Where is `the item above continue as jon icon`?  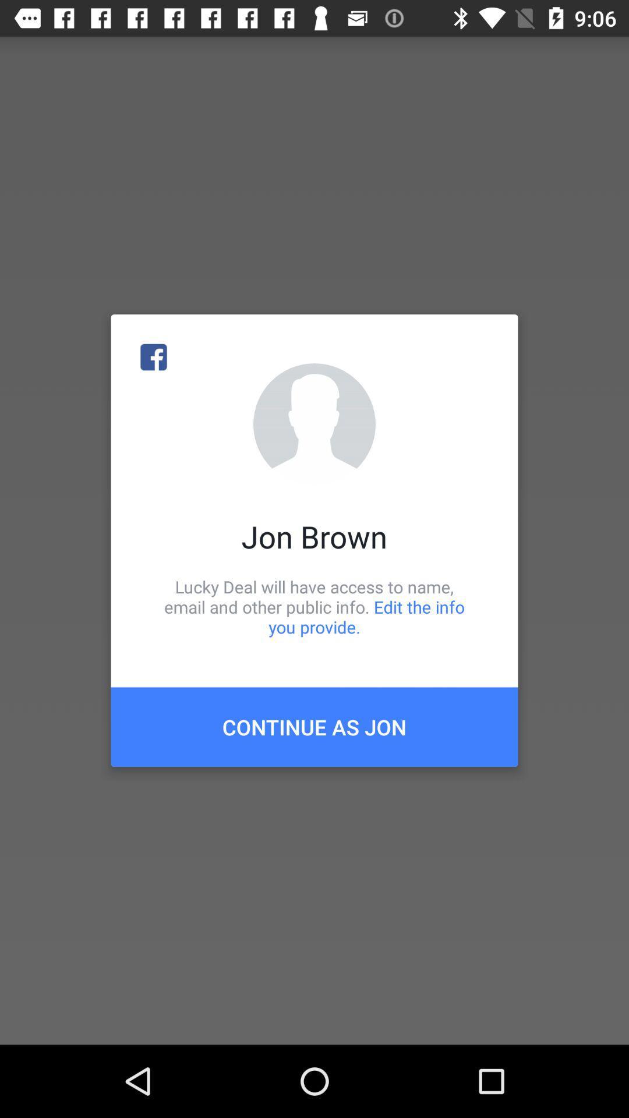 the item above continue as jon icon is located at coordinates (314, 606).